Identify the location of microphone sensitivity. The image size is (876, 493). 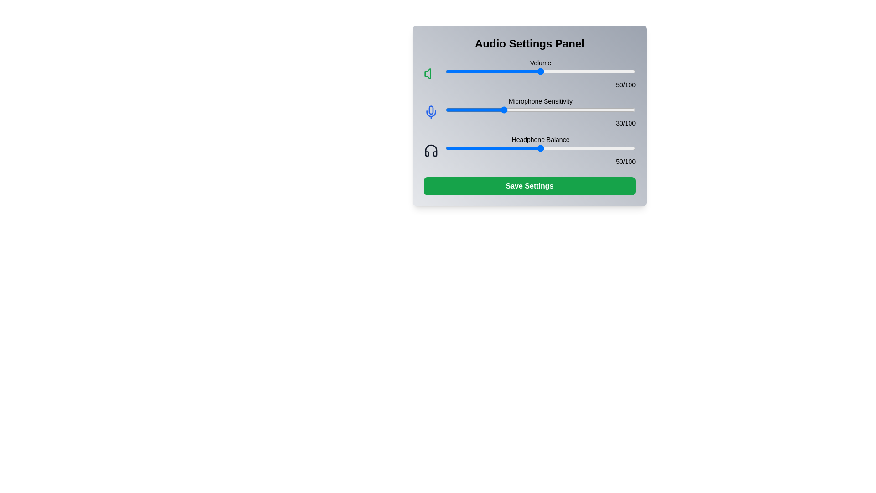
(495, 109).